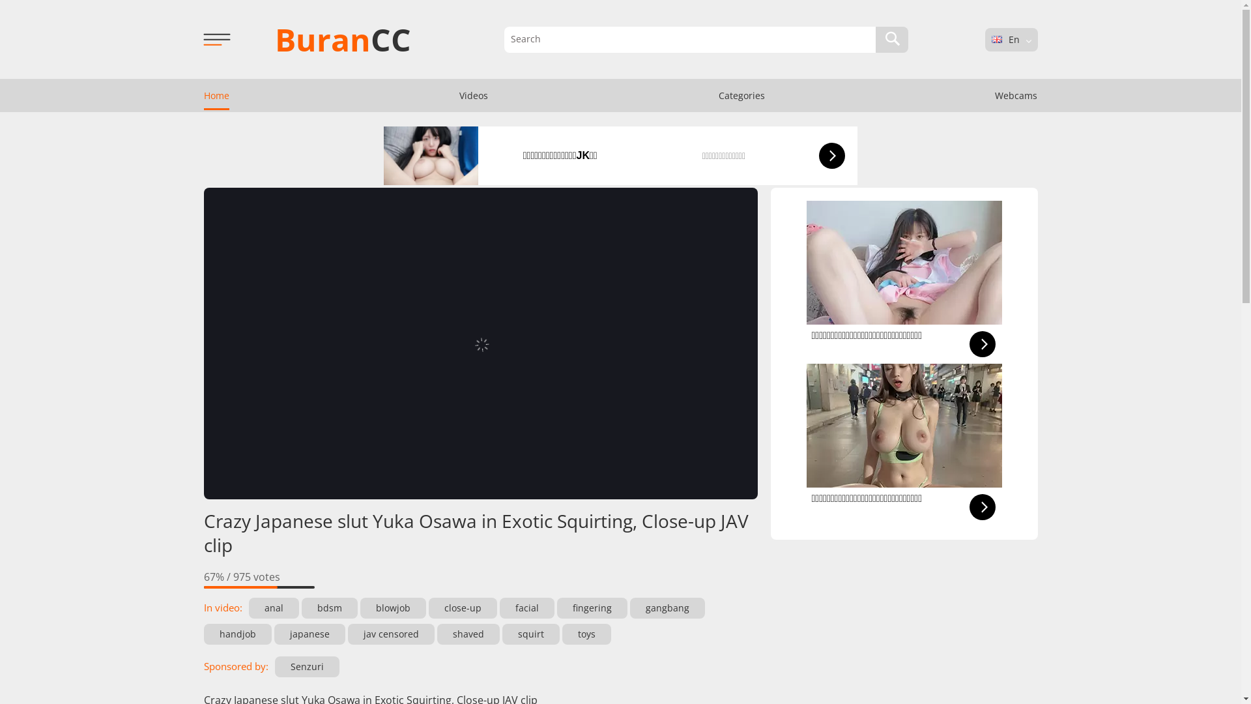  What do you see at coordinates (390, 633) in the screenshot?
I see `'jav censored'` at bounding box center [390, 633].